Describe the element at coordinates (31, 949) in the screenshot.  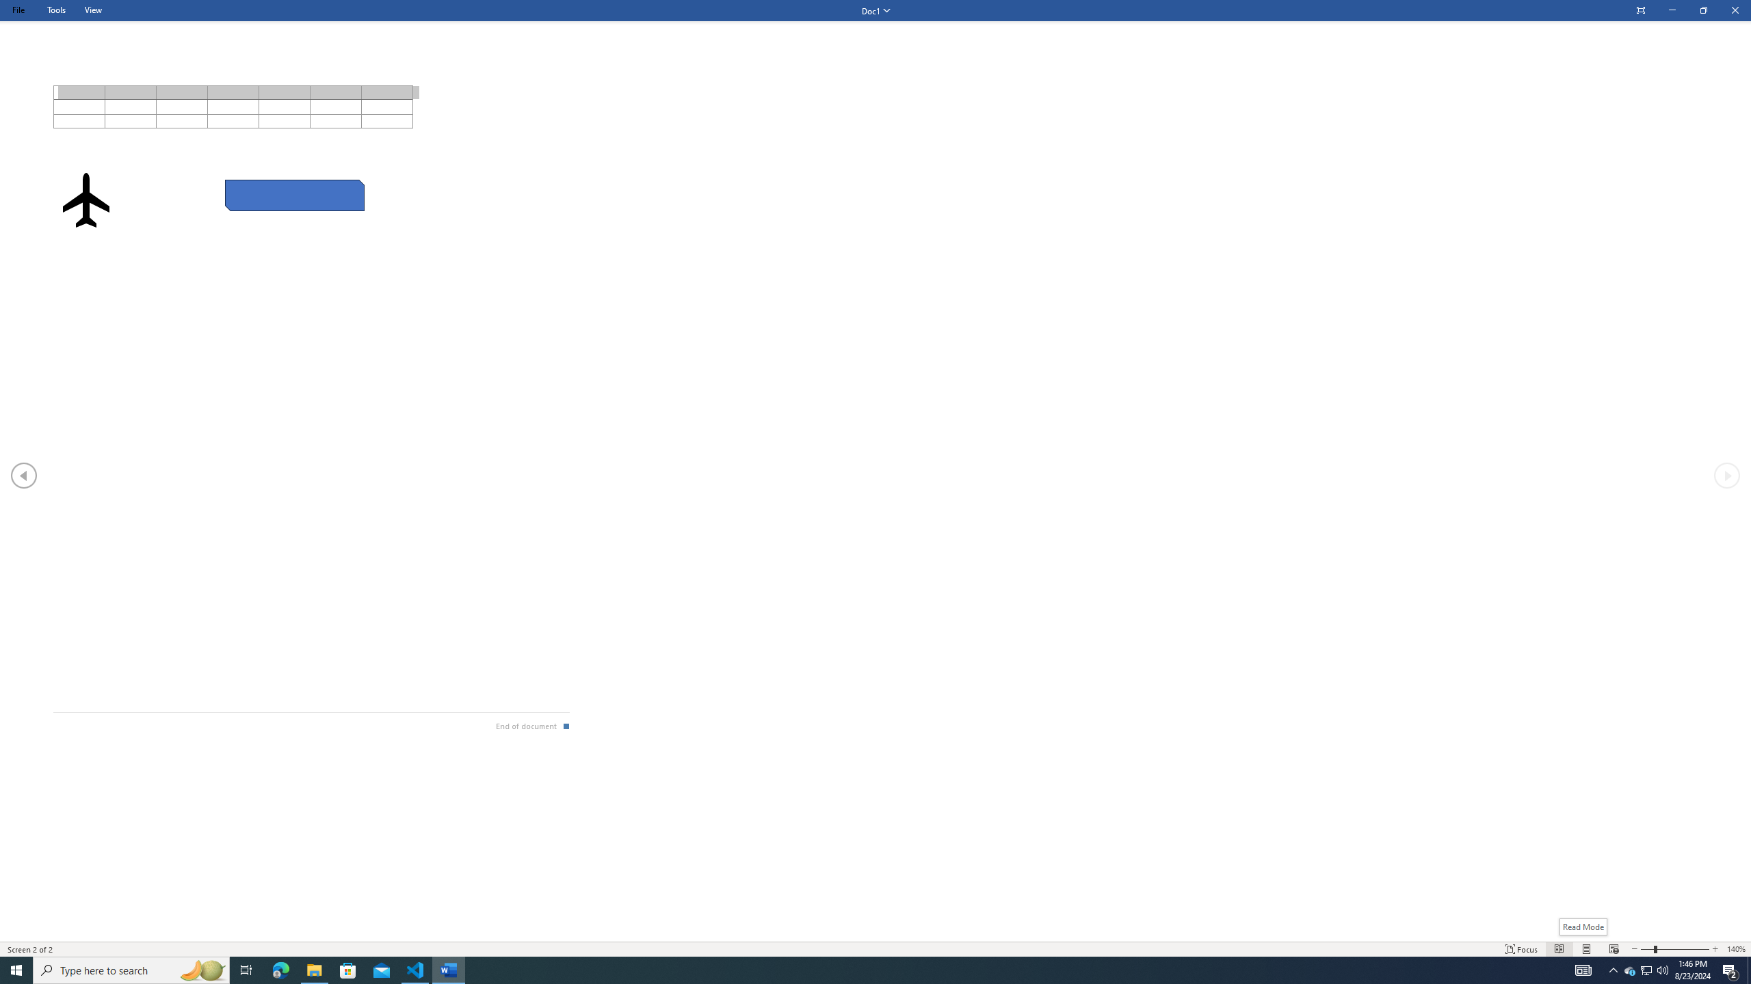
I see `'Page Number Screen 2 of 2 '` at that location.